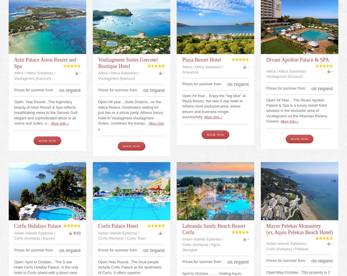 The height and width of the screenshot is (276, 347). What do you see at coordinates (298, 60) in the screenshot?
I see `'Divani Apollon Palace & SPA'` at bounding box center [298, 60].